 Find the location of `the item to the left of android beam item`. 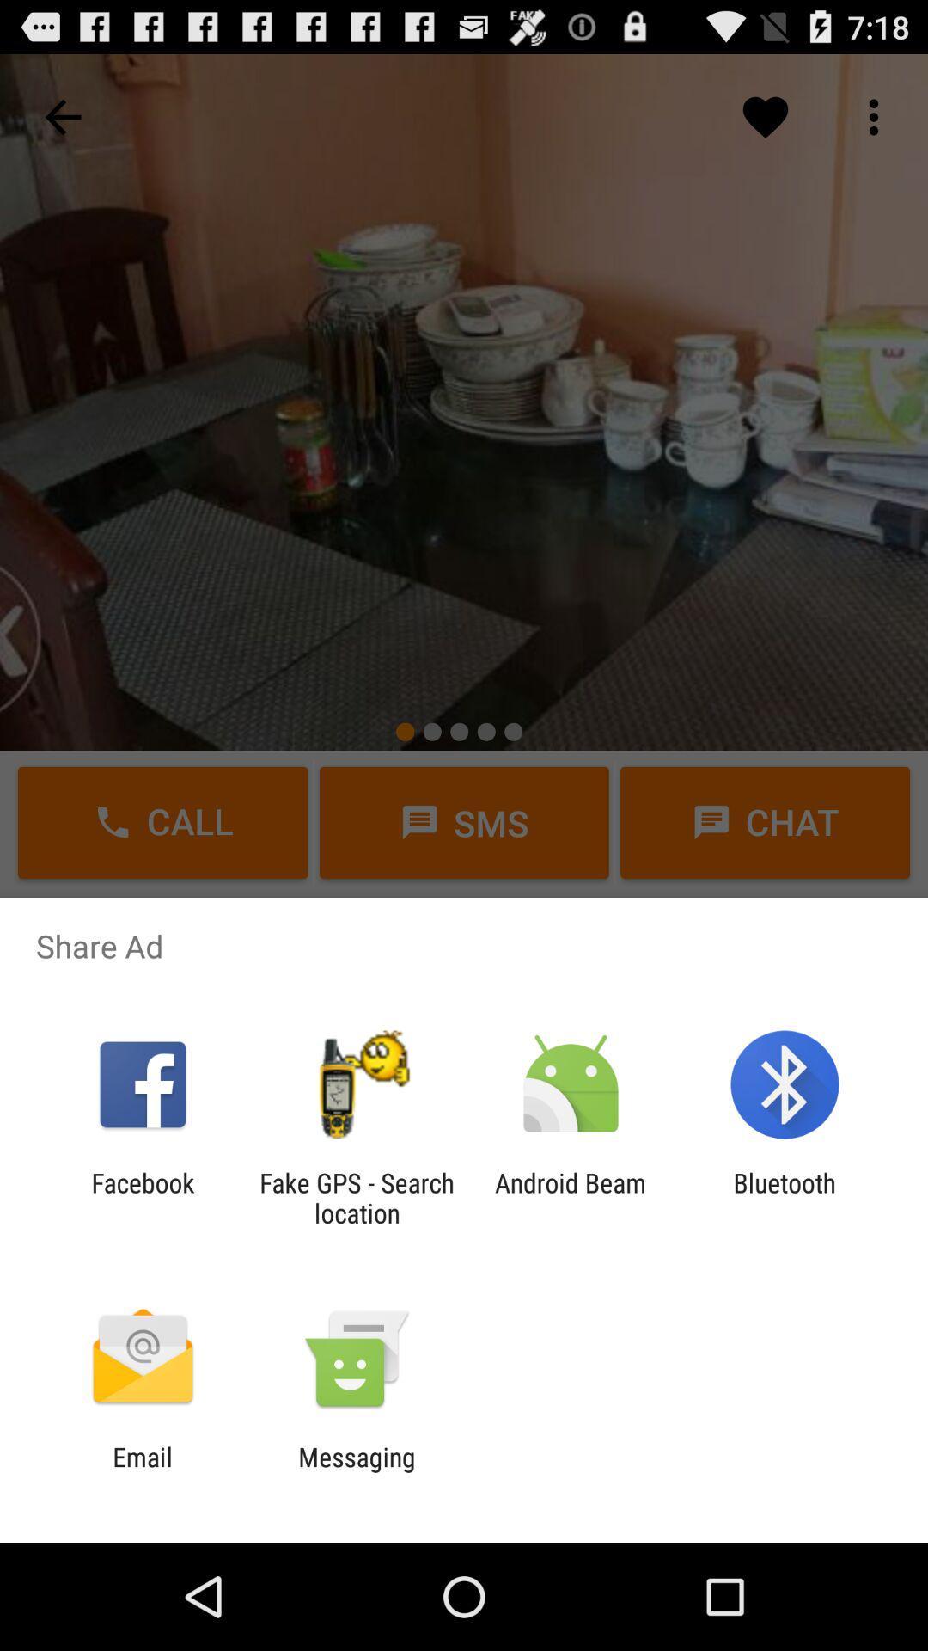

the item to the left of android beam item is located at coordinates (356, 1197).